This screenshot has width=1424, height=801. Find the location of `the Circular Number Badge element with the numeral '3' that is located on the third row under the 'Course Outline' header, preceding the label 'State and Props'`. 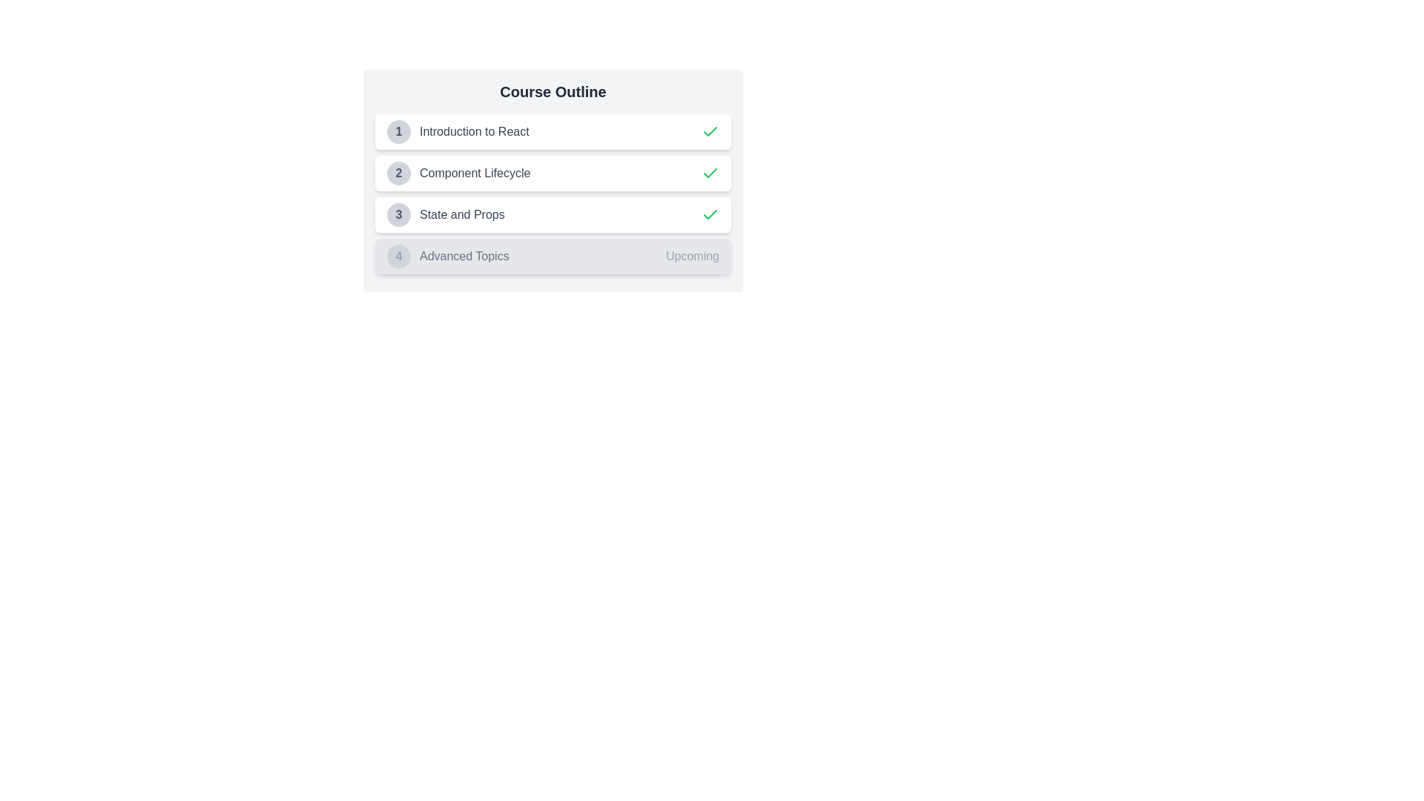

the Circular Number Badge element with the numeral '3' that is located on the third row under the 'Course Outline' header, preceding the label 'State and Props' is located at coordinates (398, 214).